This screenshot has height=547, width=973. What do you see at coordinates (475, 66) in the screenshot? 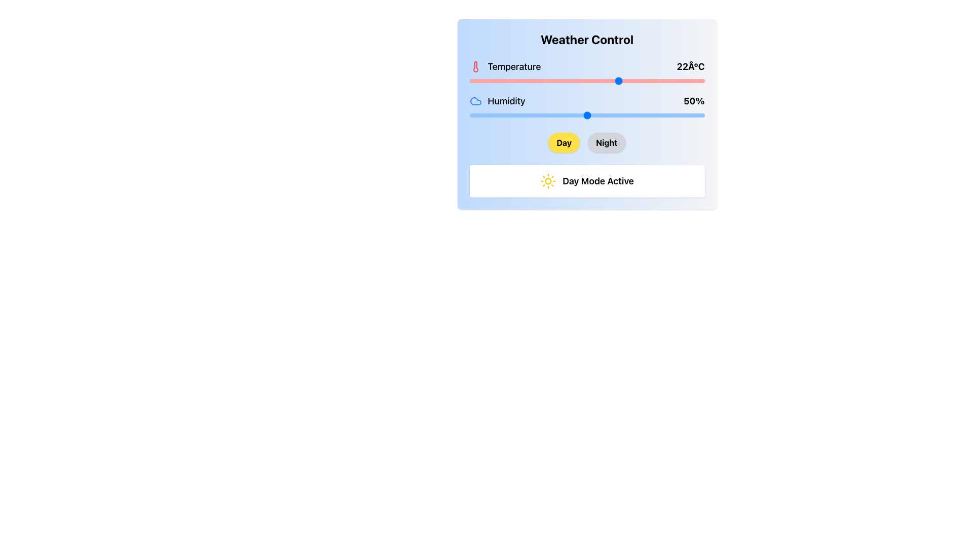
I see `the red thermometer icon located in the top-left section of the weather control panel, adjacent to the 'Temperature' label and slider control` at bounding box center [475, 66].